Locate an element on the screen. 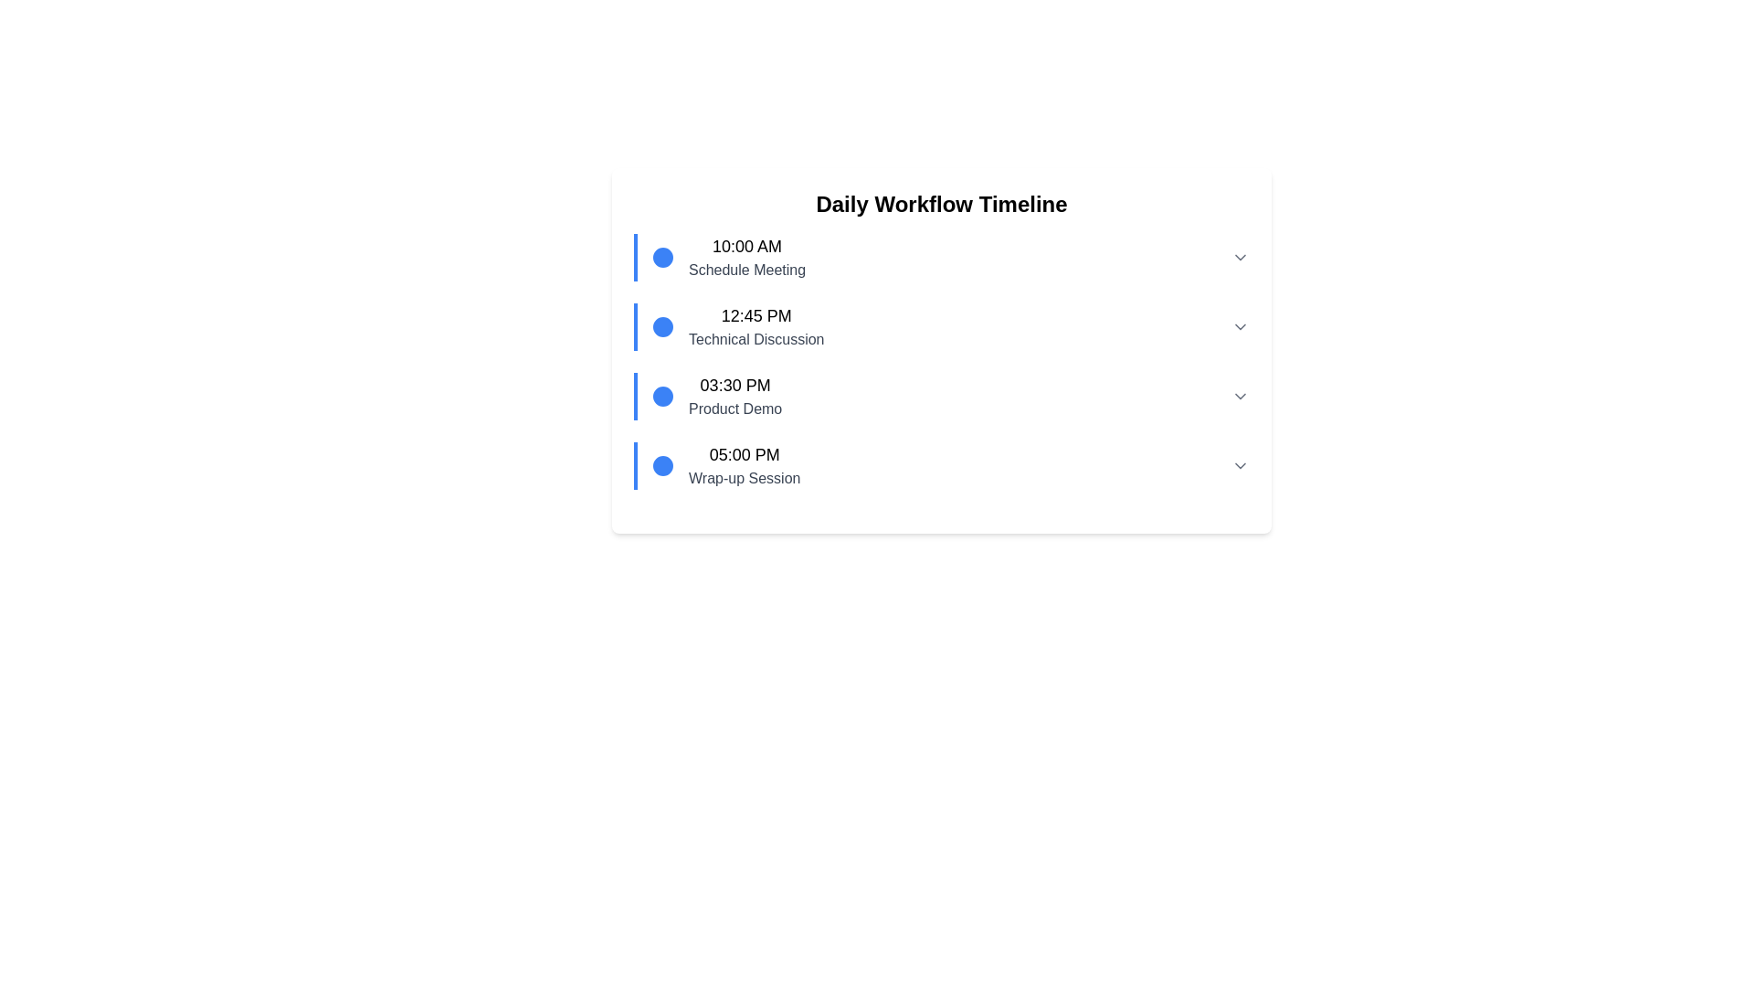  the timeline entry displaying '10:00 AM' and 'Schedule Meeting' is located at coordinates (727, 257).